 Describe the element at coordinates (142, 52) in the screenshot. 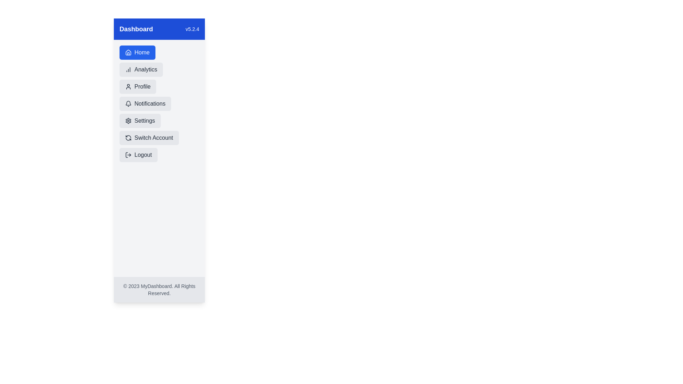

I see `the 'Home' text label located inside the blue rectangular button in the navigation sidebar` at that location.